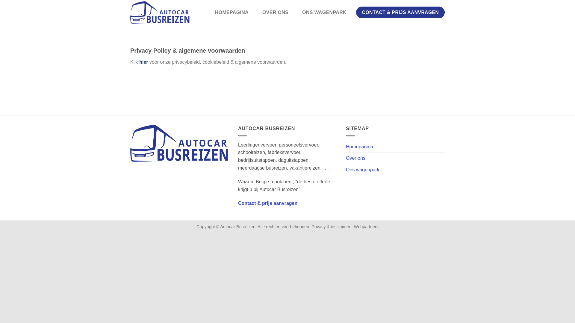 This screenshot has height=323, width=575. I want to click on 'Contact & prijs aanvragen', so click(267, 203).